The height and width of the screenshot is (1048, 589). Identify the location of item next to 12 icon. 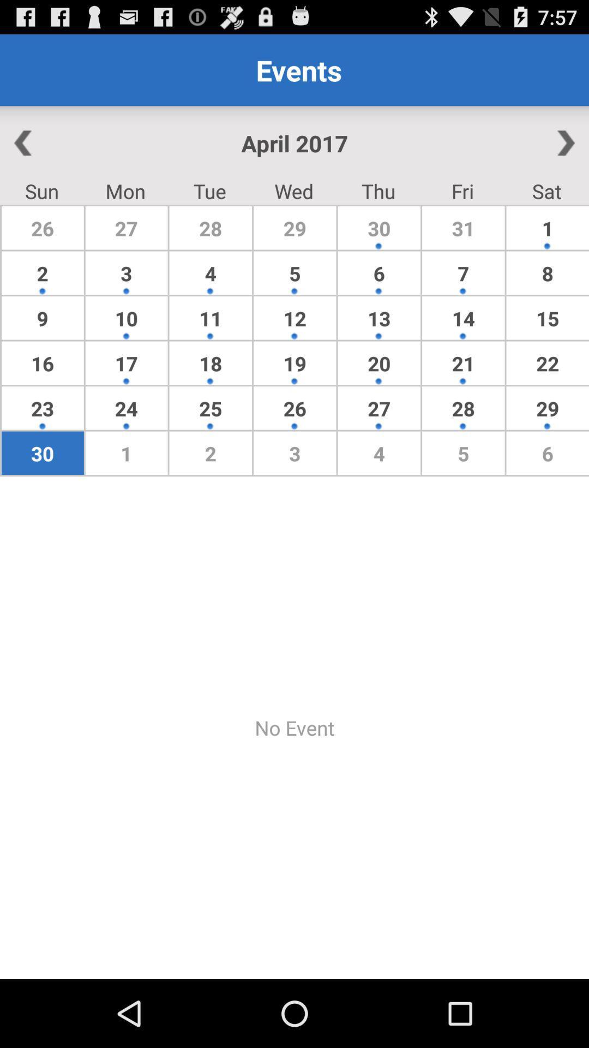
(211, 363).